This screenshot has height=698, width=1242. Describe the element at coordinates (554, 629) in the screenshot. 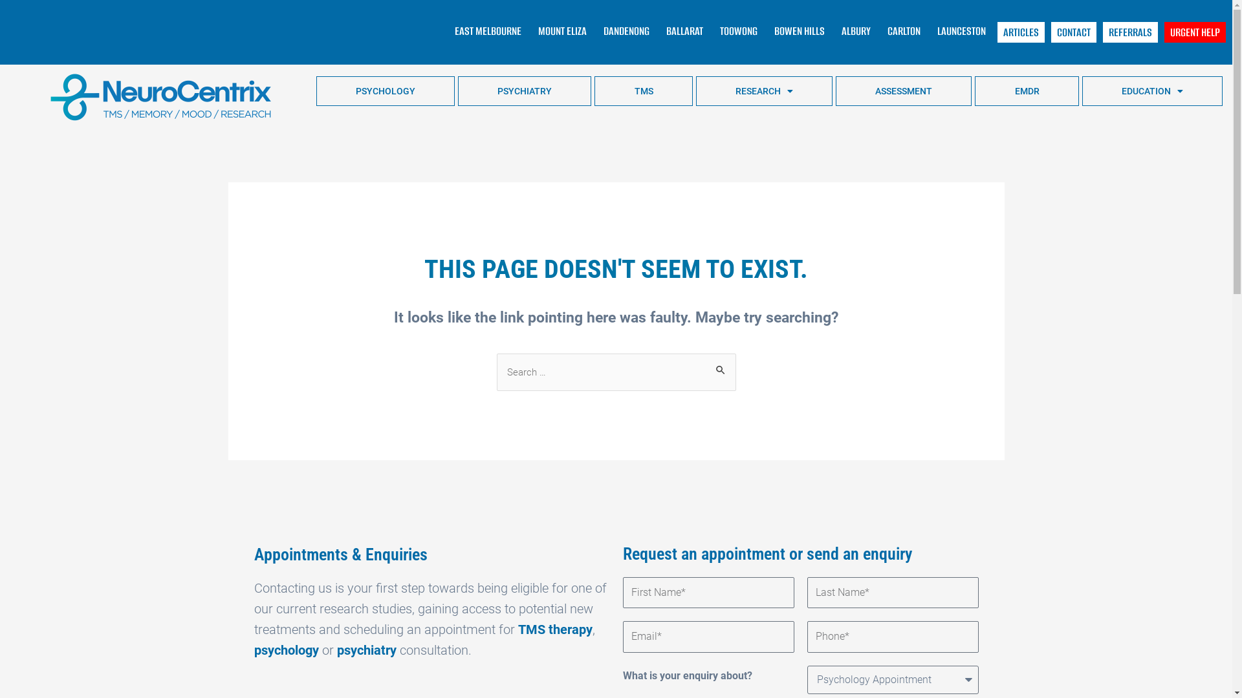

I see `'TMS therapy'` at that location.